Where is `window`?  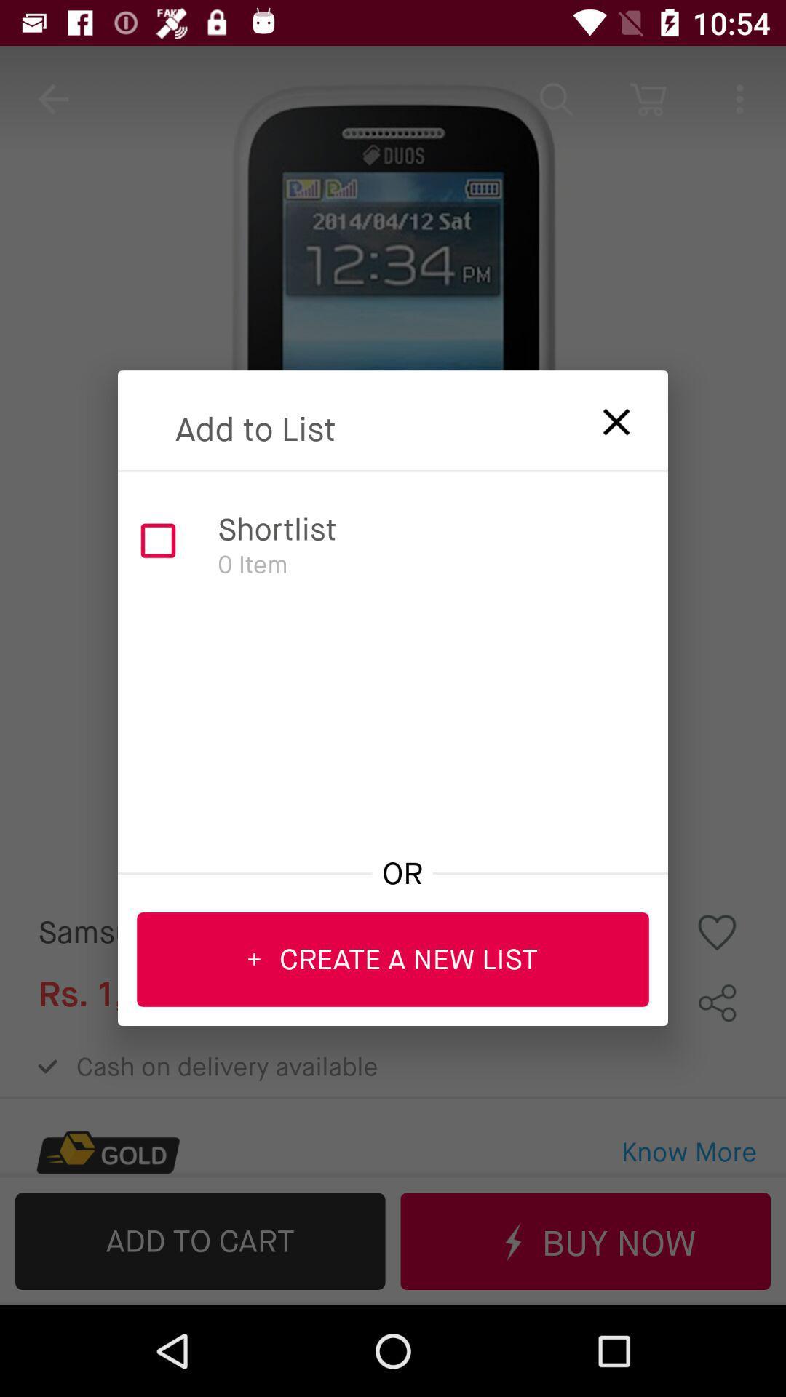
window is located at coordinates (606, 416).